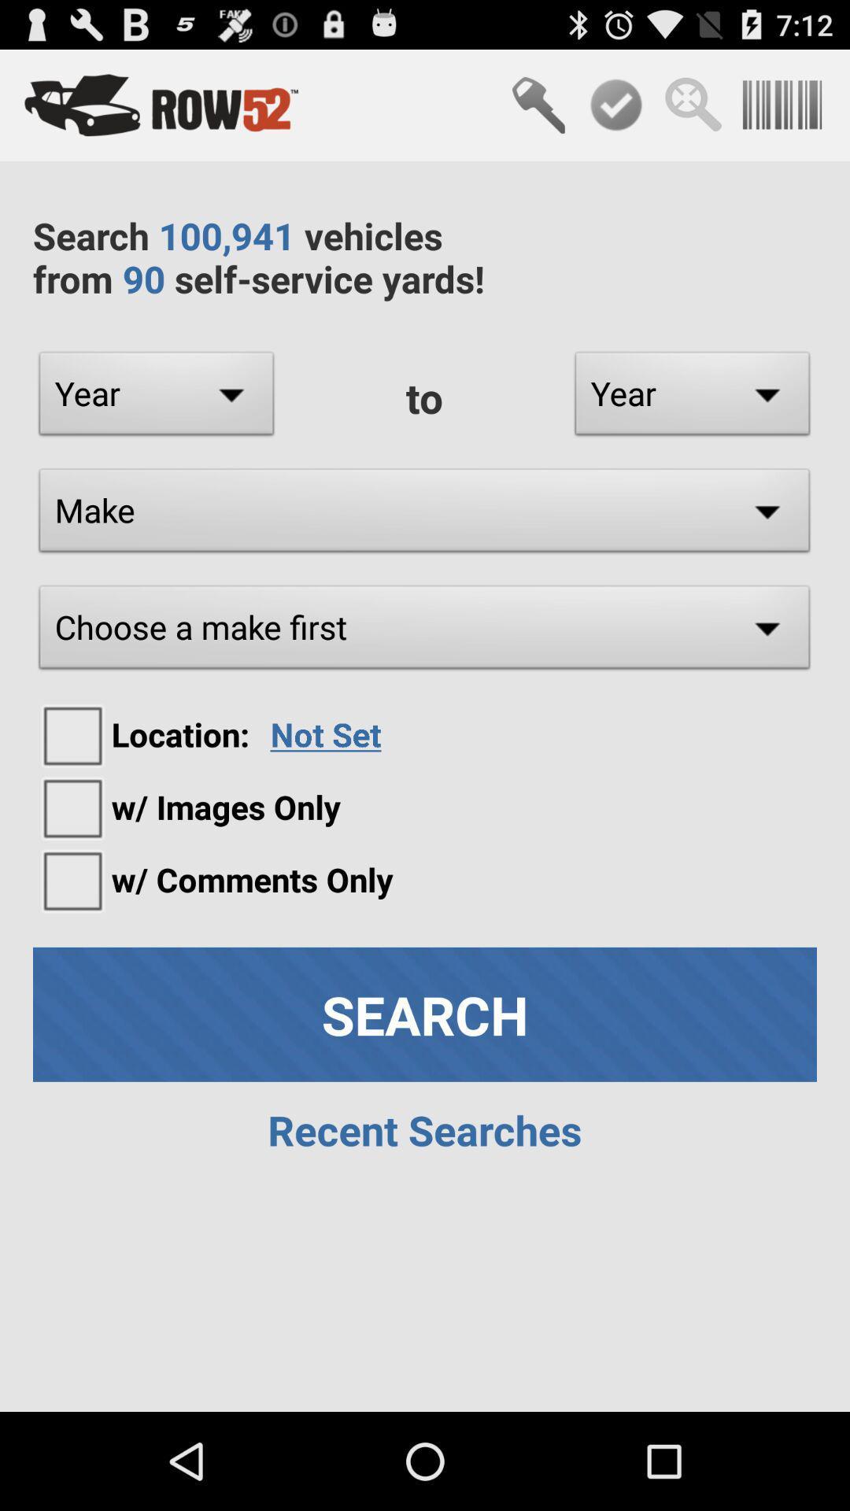 The height and width of the screenshot is (1511, 850). What do you see at coordinates (615, 112) in the screenshot?
I see `the check icon` at bounding box center [615, 112].